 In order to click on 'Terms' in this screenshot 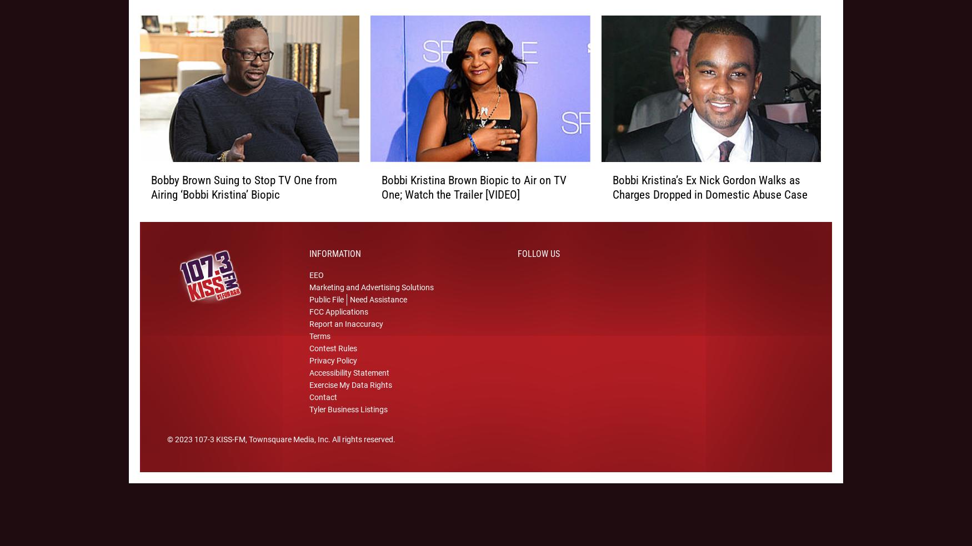, I will do `click(319, 351)`.